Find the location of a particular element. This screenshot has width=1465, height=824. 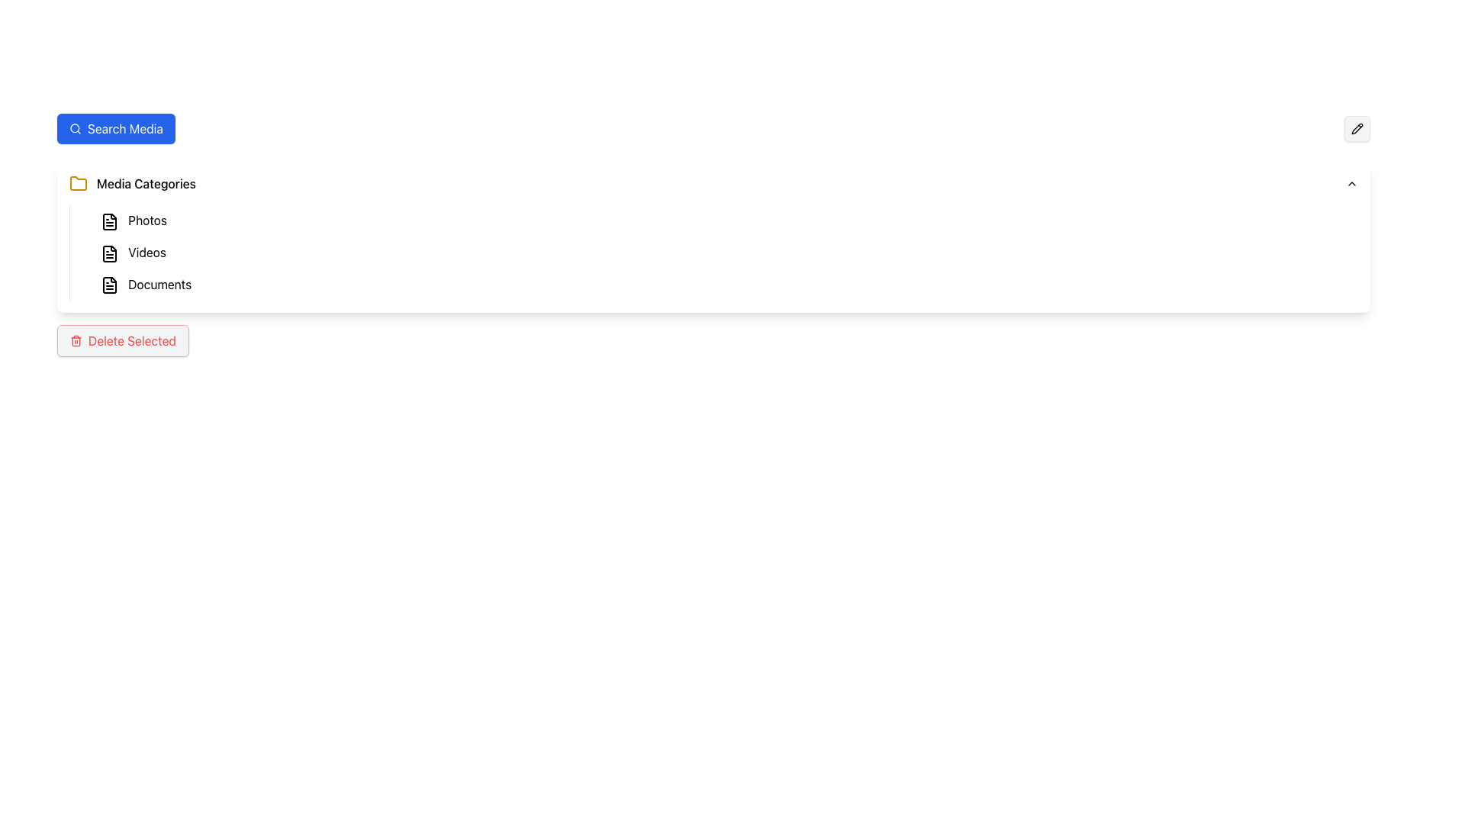

the blue 'Search Media' button with a magnifying glass icon is located at coordinates (115, 128).